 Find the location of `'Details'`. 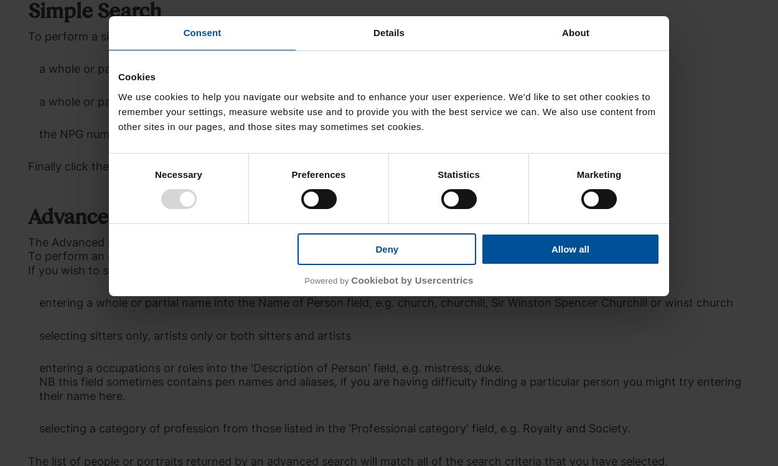

'Details' is located at coordinates (373, 32).